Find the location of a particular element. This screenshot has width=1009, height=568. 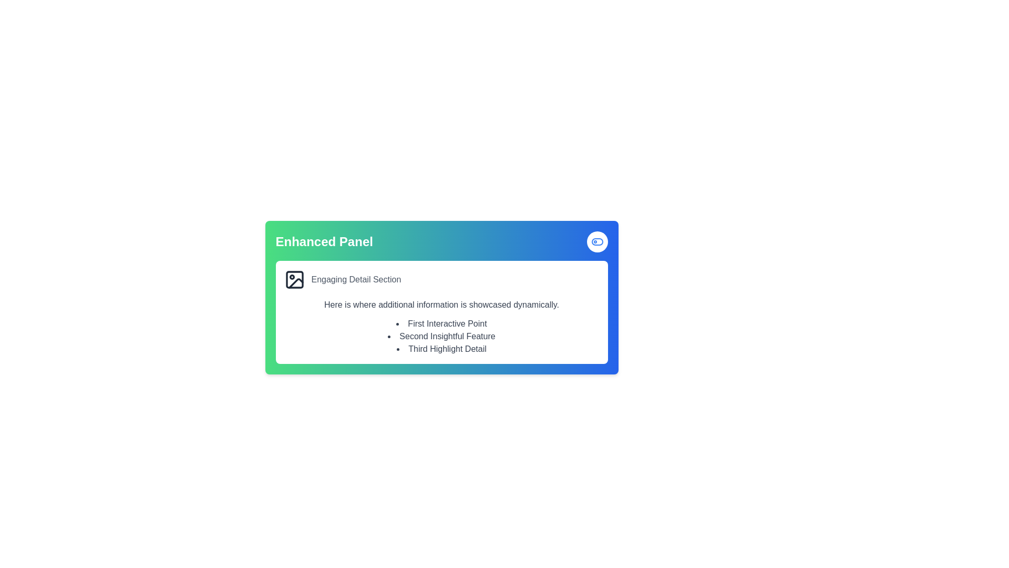

text from the bulleted list located centrally within the panel beneath the header 'Enhanced Panel', which summarizes key information related to the content above is located at coordinates (441, 337).